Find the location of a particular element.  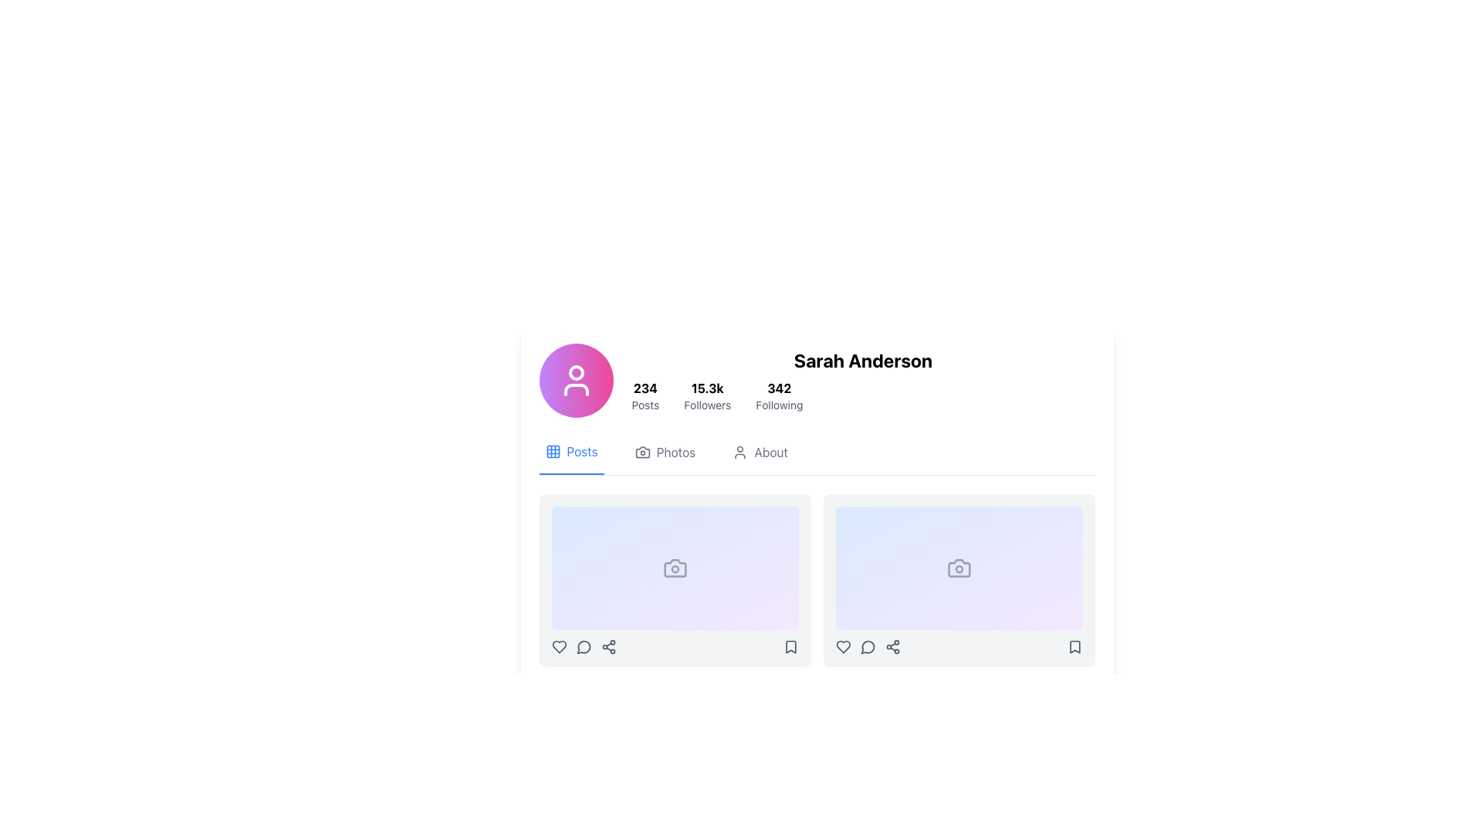

the Interactive Icon located at the bottom-left corner of the left post to express a positive reaction is located at coordinates (558, 646).